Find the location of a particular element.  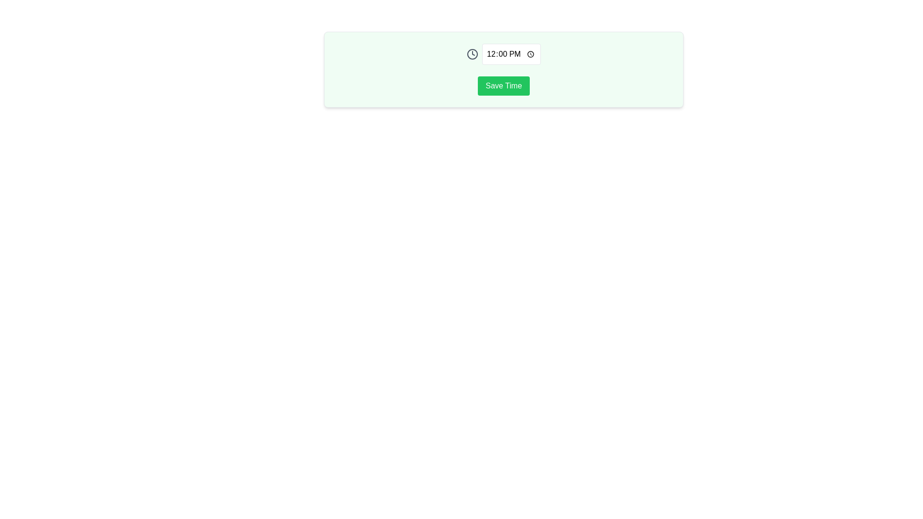

the circular decorative element of the clock icon, which is defined by a gray outline and is positioned at the center of the clock, to the left of the '12:00 PM' time label is located at coordinates (473, 54).